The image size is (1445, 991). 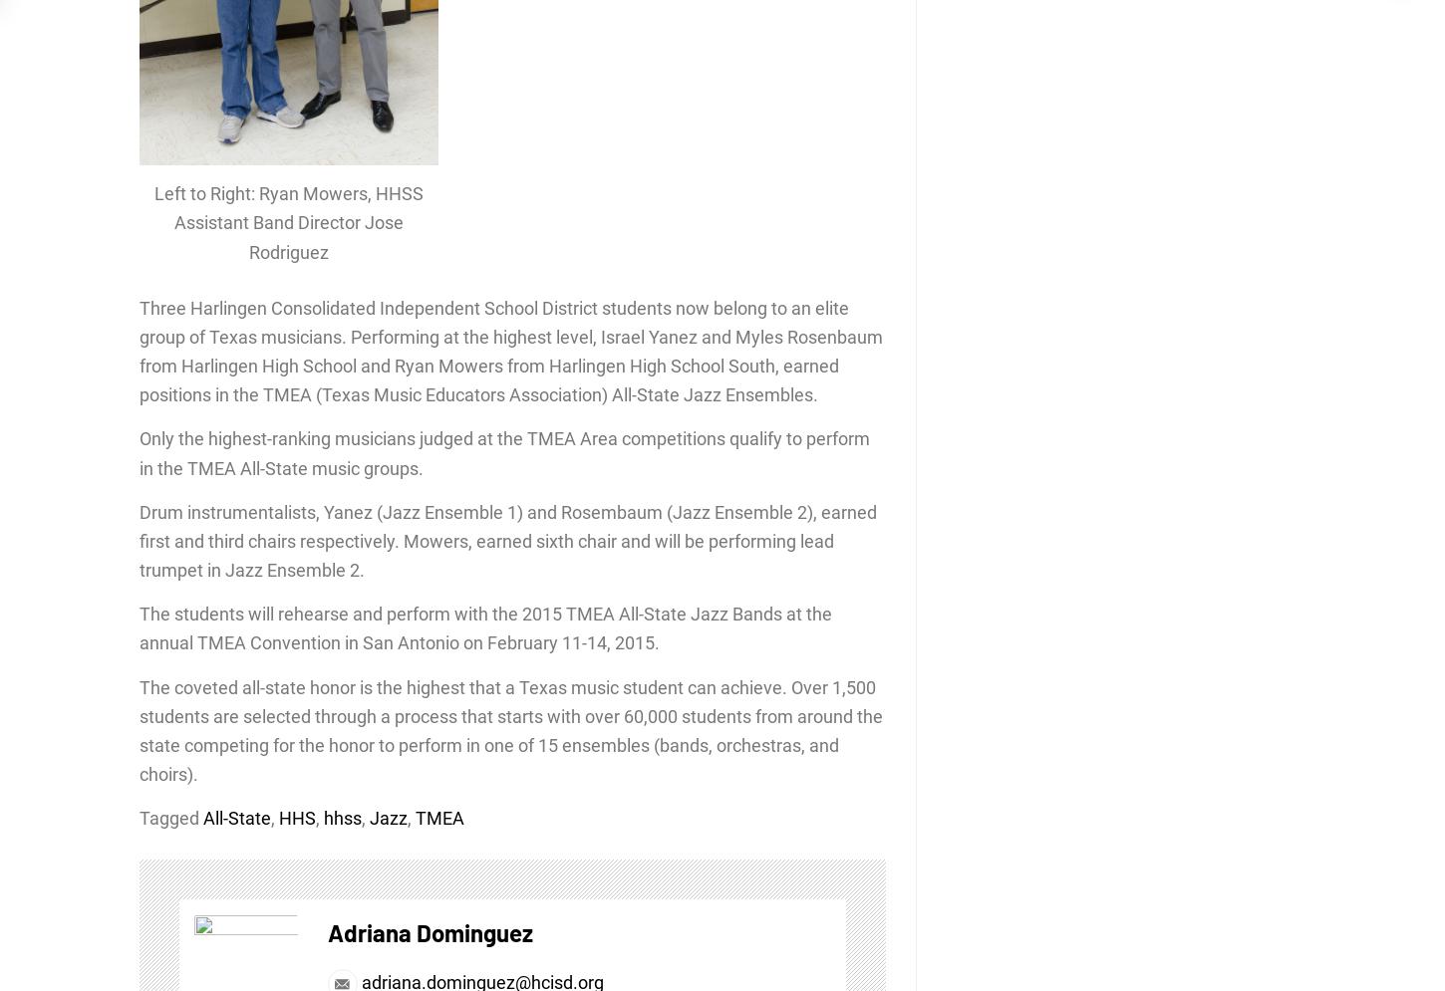 What do you see at coordinates (428, 932) in the screenshot?
I see `'Adriana Dominguez'` at bounding box center [428, 932].